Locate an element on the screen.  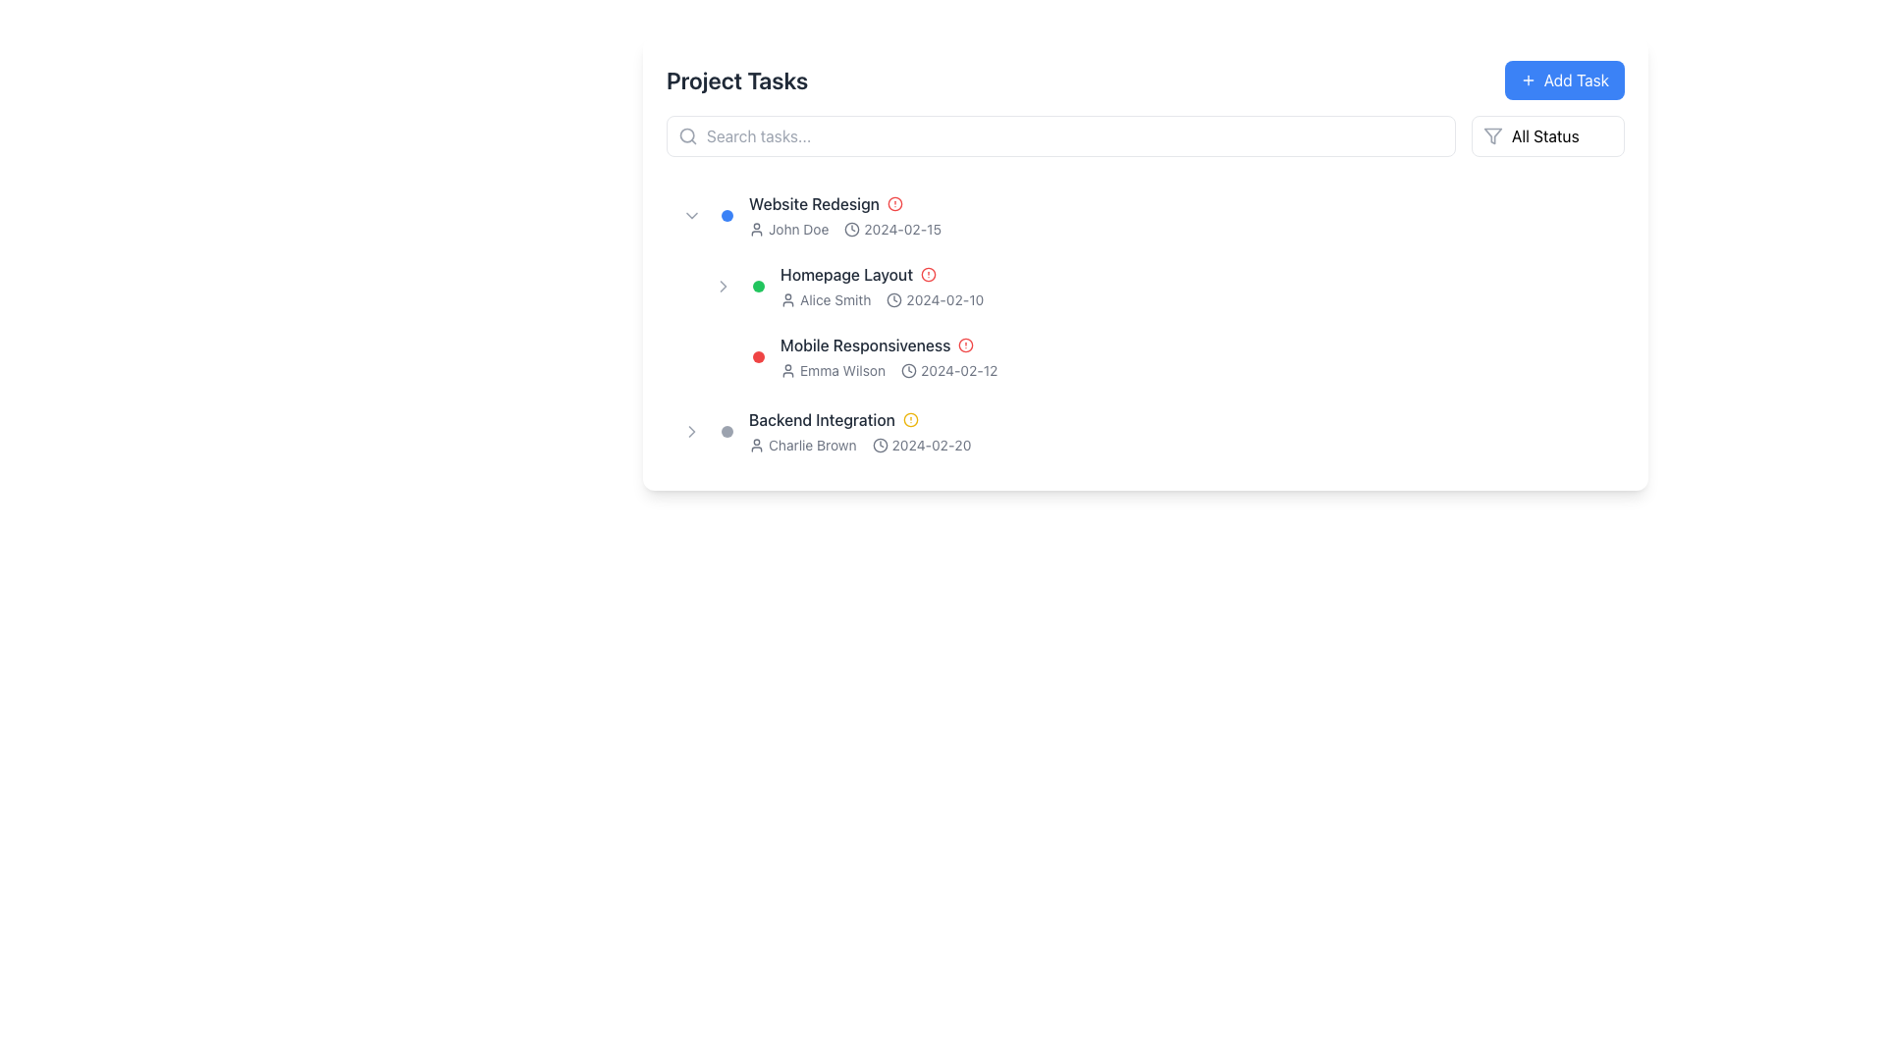
the second task item in the project task list, which is positioned below 'Website Redesign' and above 'Mobile Responsiveness' is located at coordinates (1160, 287).